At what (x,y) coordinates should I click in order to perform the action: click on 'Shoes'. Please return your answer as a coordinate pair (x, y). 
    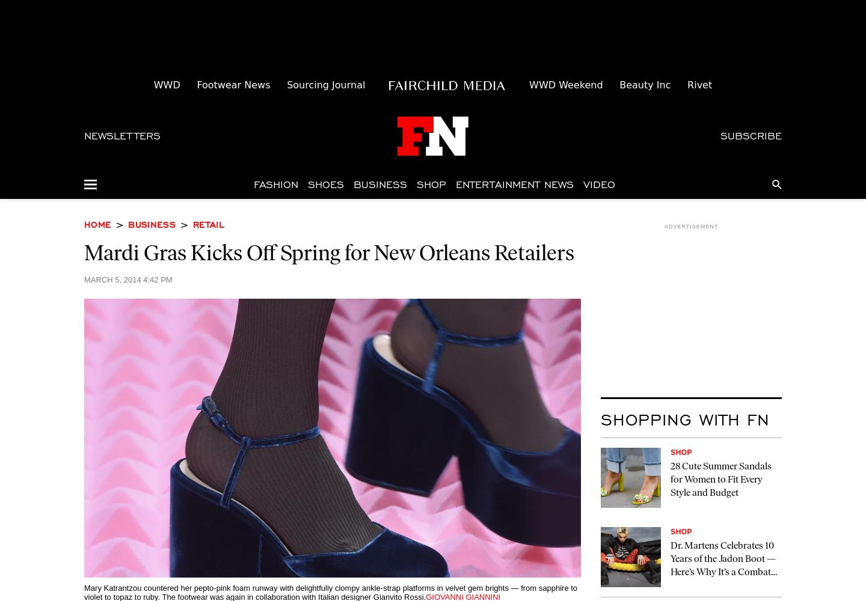
    Looking at the image, I should click on (326, 184).